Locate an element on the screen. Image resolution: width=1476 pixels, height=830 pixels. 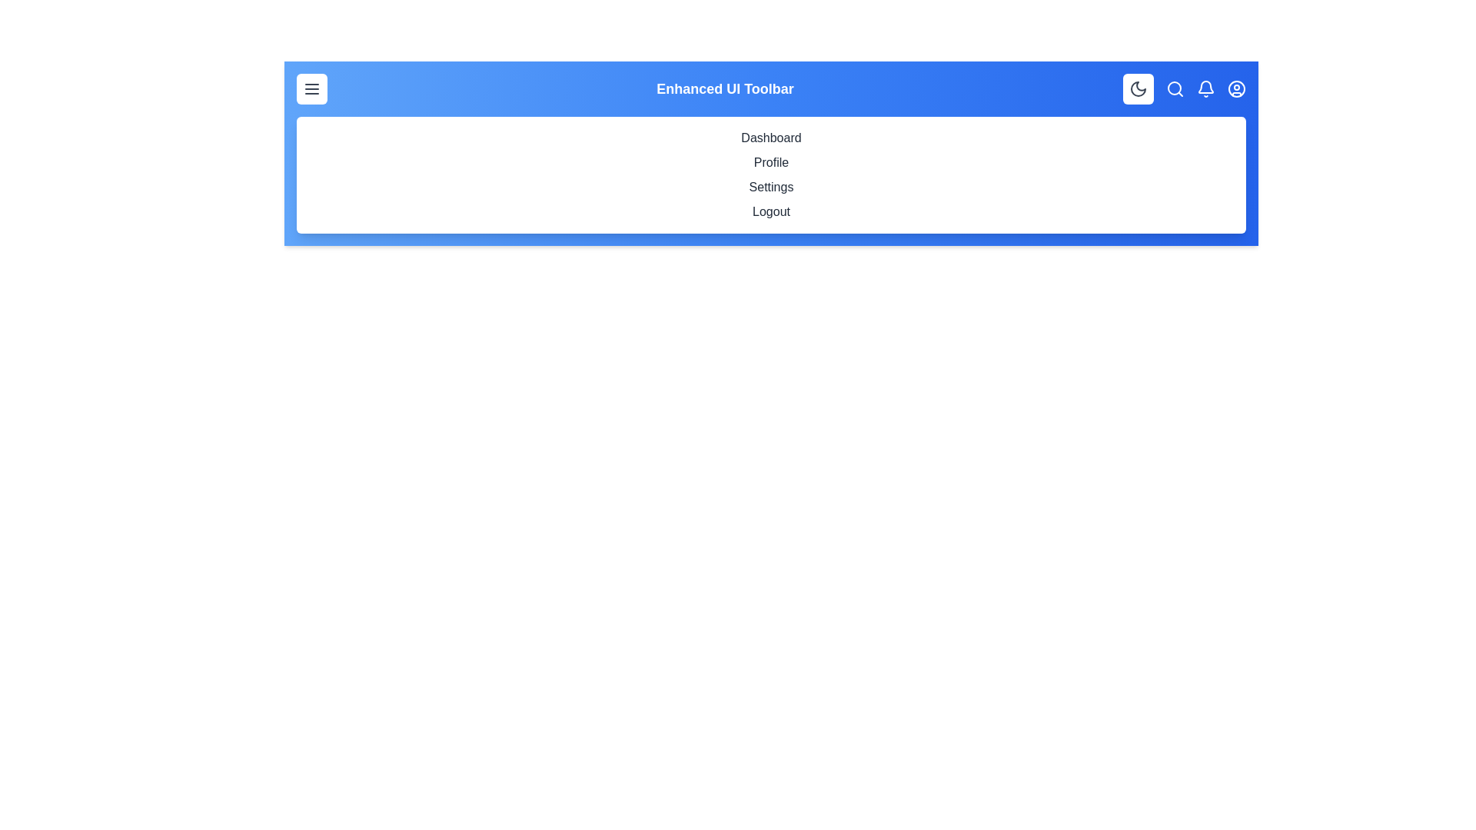
the notification icon (bell icon) located in the EnhancedAppBar is located at coordinates (1205, 88).